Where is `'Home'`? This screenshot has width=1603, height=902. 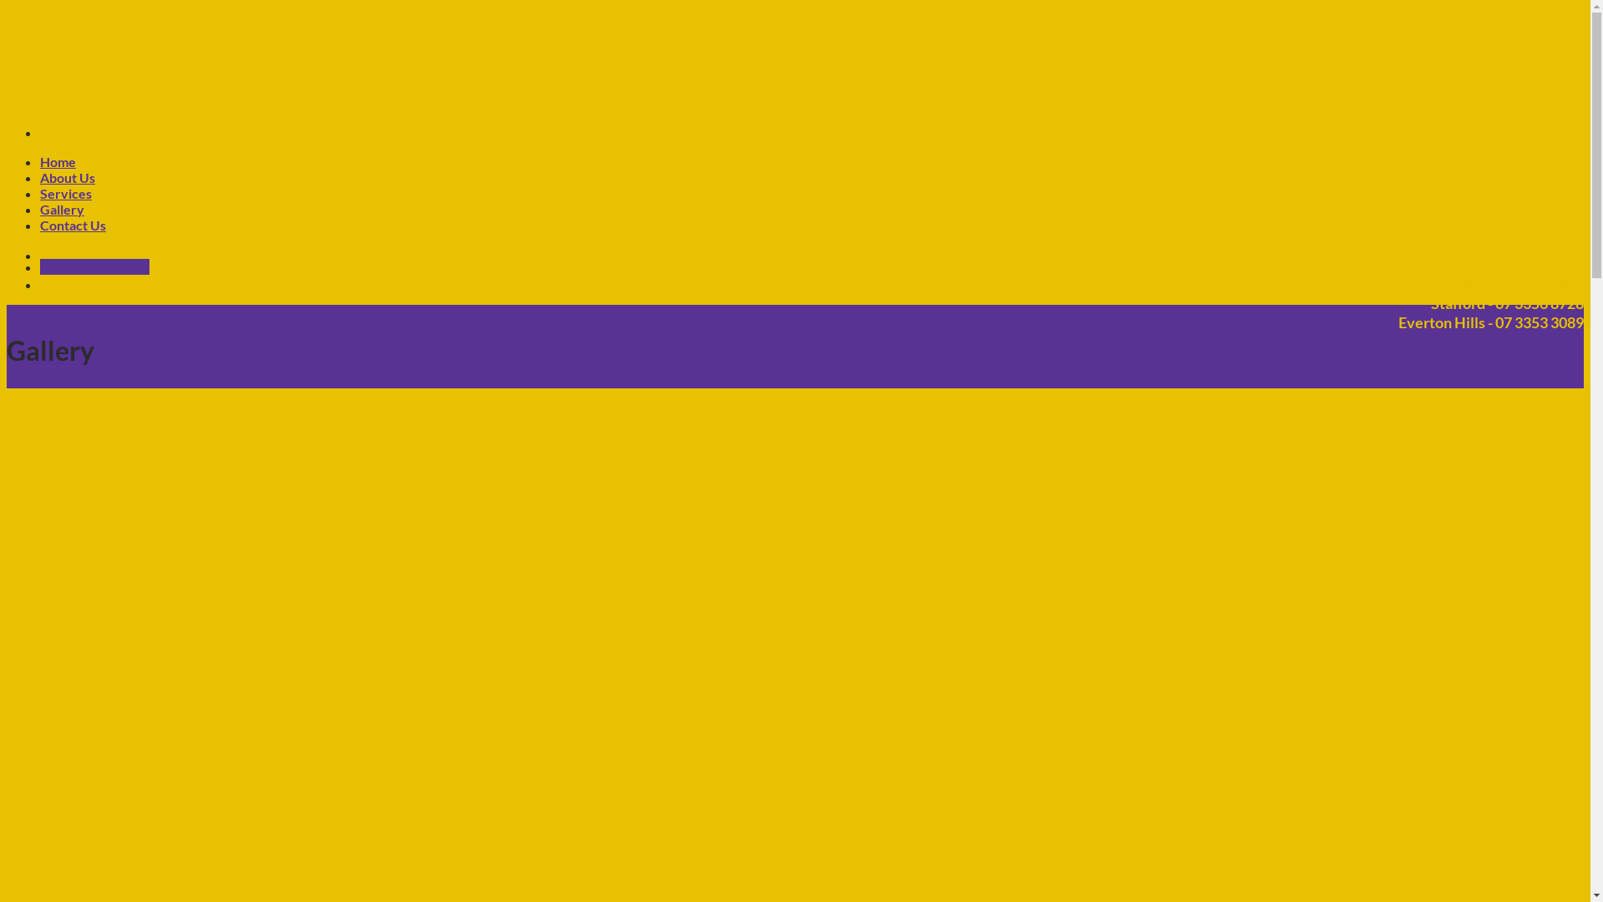 'Home' is located at coordinates (58, 161).